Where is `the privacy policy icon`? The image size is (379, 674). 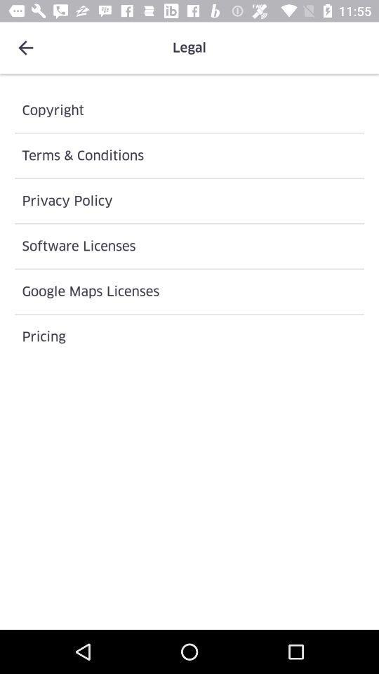
the privacy policy icon is located at coordinates (189, 200).